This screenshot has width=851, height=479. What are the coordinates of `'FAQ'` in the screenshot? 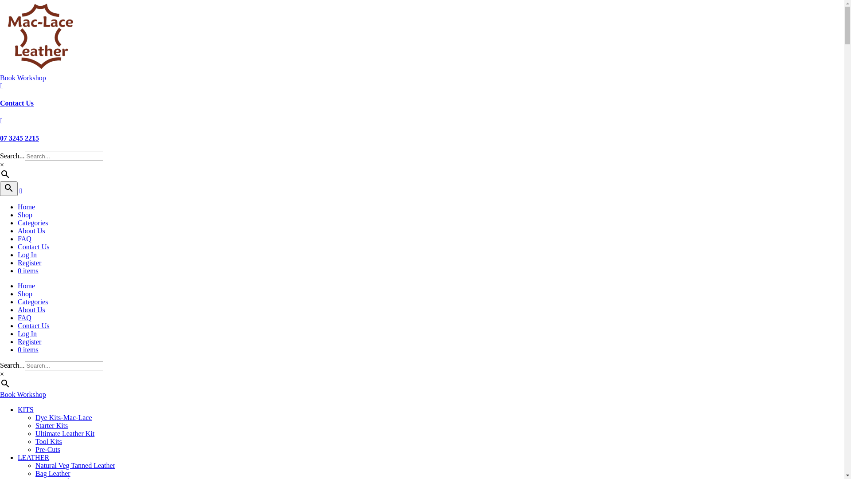 It's located at (24, 238).